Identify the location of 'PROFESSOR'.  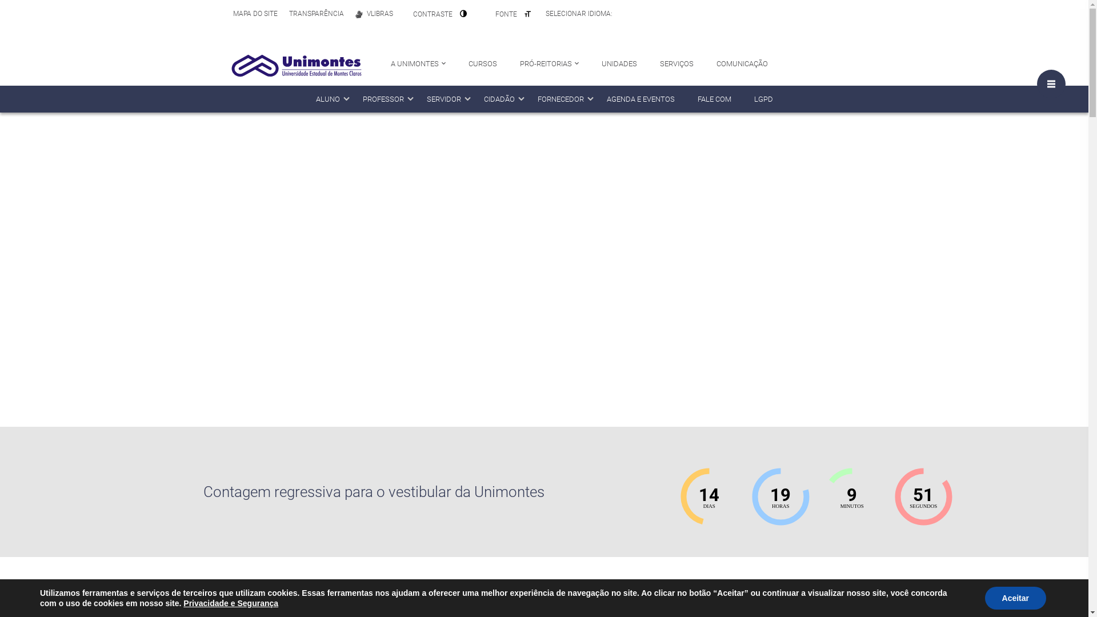
(350, 98).